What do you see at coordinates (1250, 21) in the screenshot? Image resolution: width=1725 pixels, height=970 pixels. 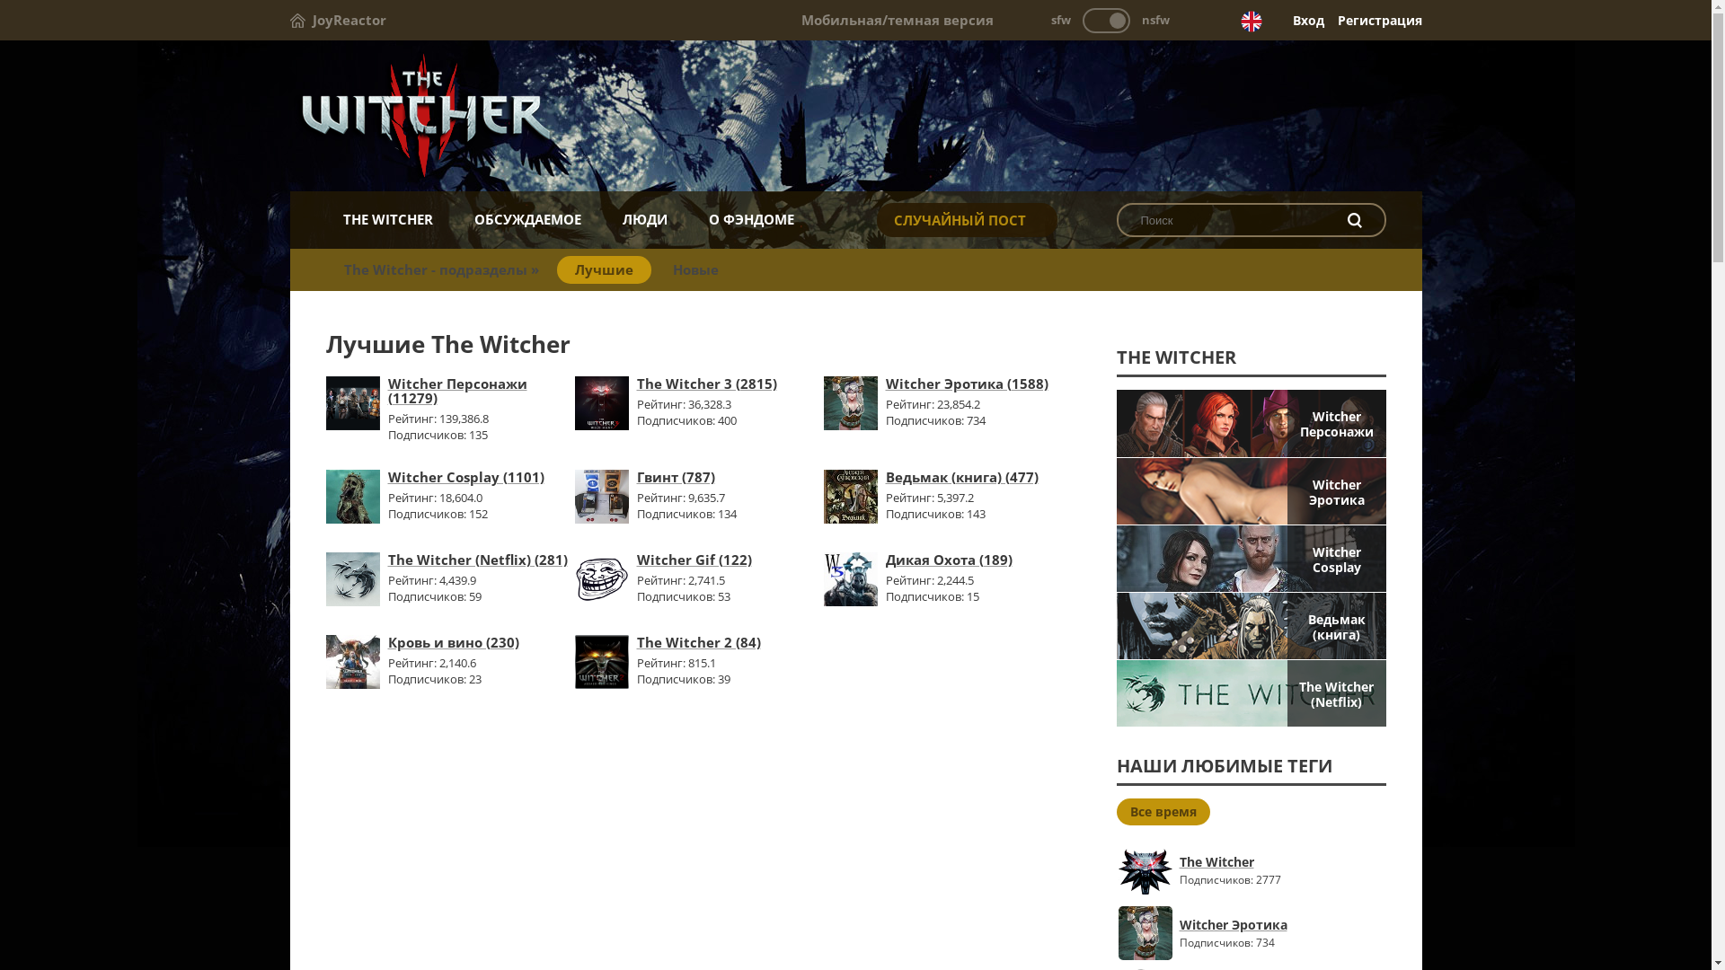 I see `'English version'` at bounding box center [1250, 21].